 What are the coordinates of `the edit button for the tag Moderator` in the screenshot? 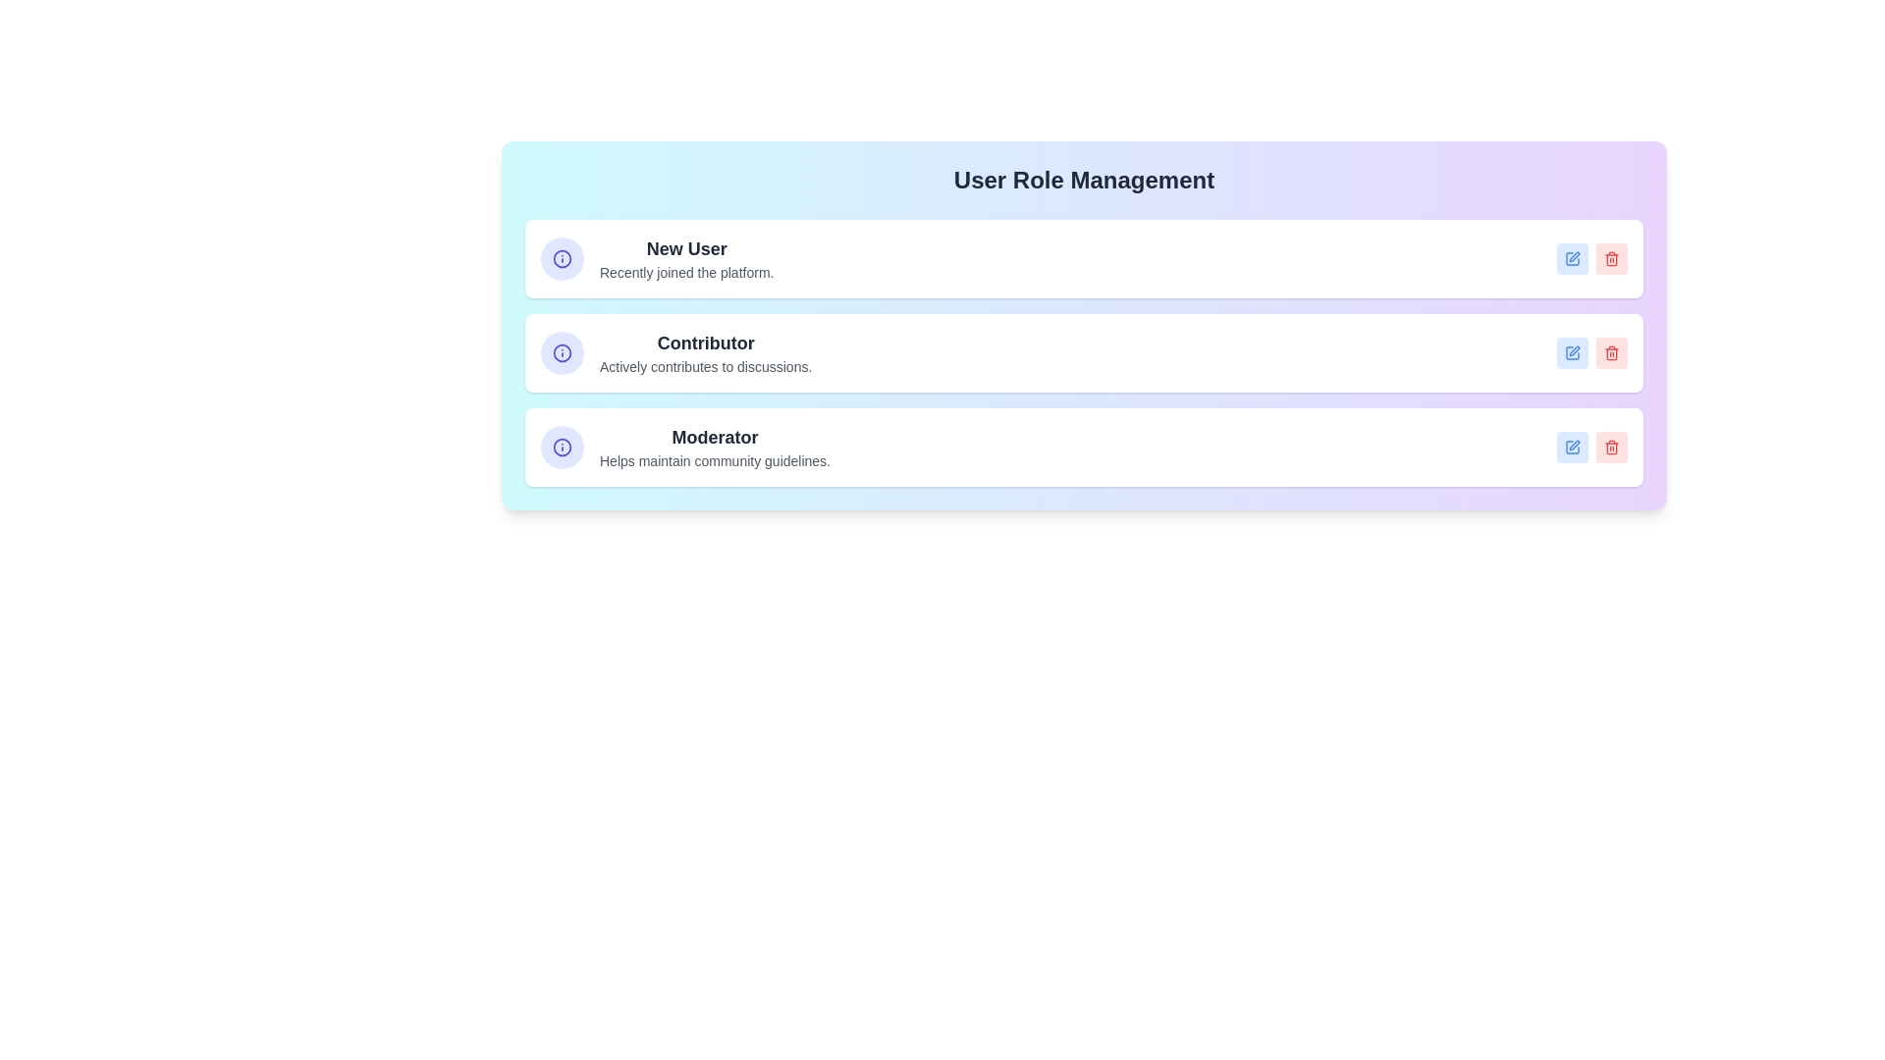 It's located at (1573, 447).